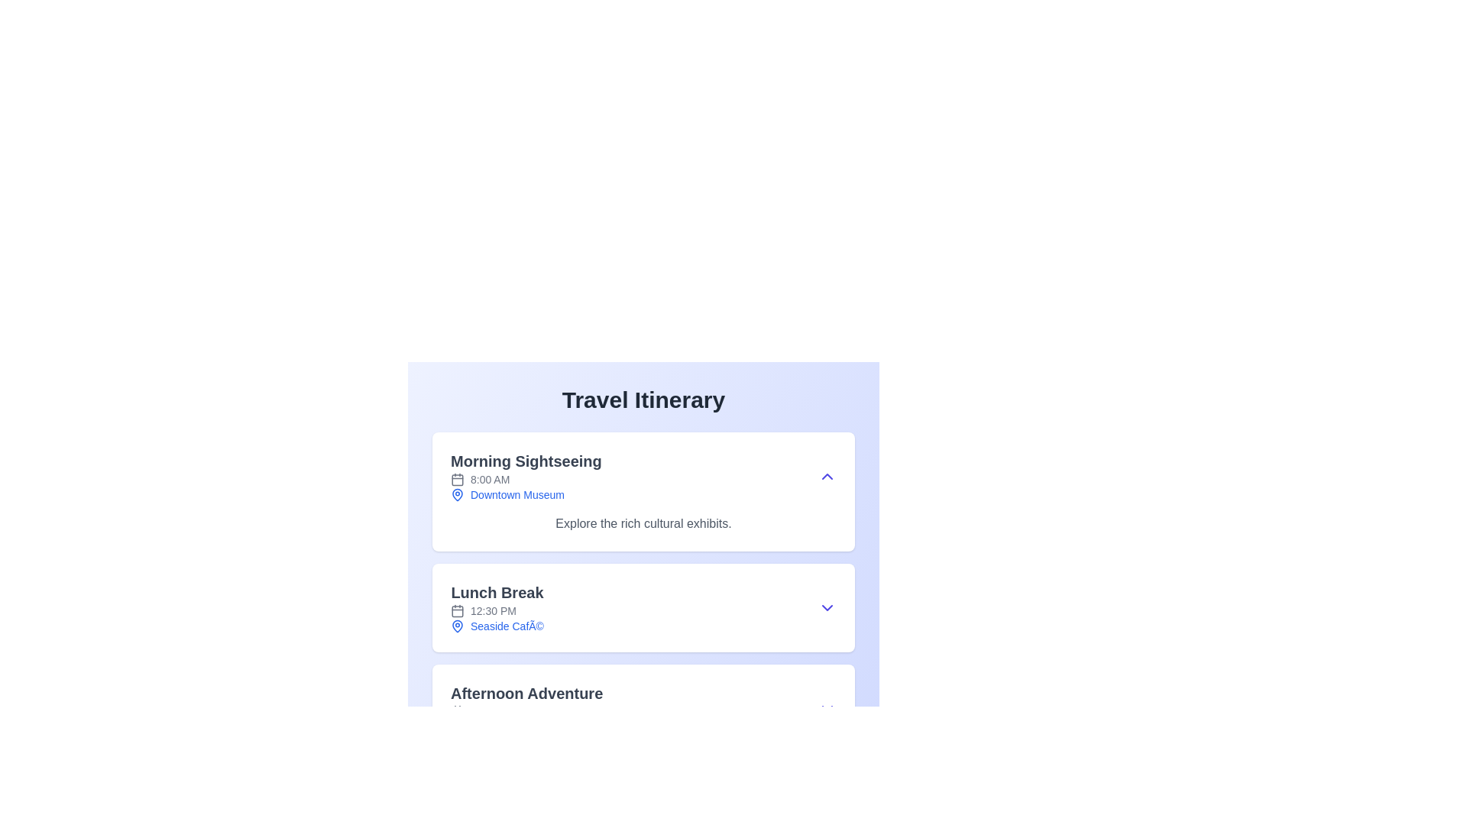 This screenshot has height=825, width=1467. Describe the element at coordinates (497, 607) in the screenshot. I see `the displayed information about the scheduled lunch break which includes 'Lunch Break', '12:30 PM', and 'Seaside Café'` at that location.